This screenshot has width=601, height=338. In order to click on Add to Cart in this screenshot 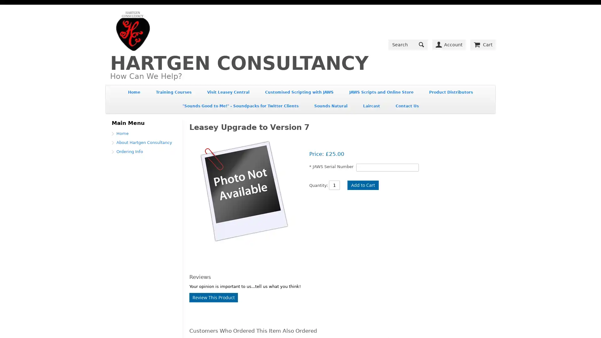, I will do `click(363, 185)`.